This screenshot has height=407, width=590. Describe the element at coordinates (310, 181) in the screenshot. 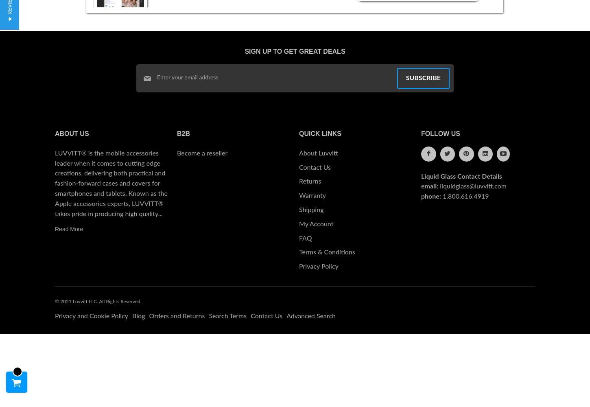

I see `'Returns'` at that location.